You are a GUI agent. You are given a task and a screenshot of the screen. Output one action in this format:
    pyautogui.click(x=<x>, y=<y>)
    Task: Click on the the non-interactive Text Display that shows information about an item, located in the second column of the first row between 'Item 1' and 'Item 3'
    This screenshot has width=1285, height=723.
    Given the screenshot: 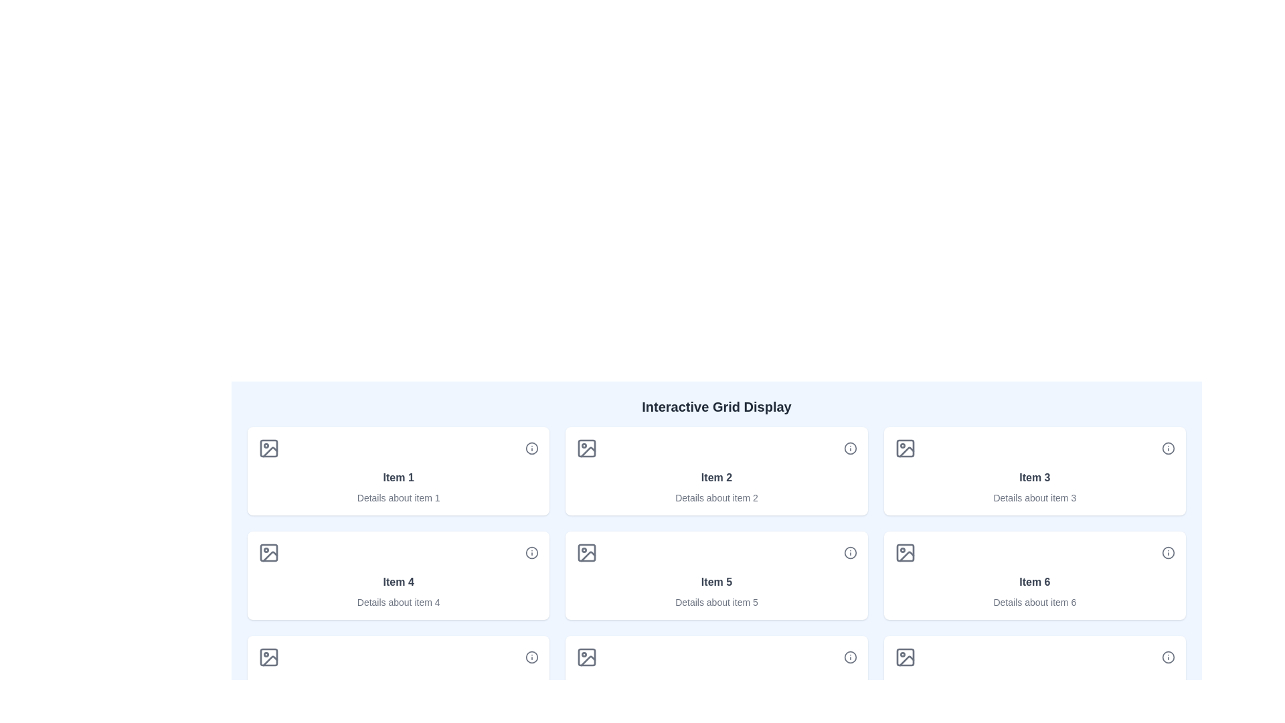 What is the action you would take?
    pyautogui.click(x=715, y=487)
    